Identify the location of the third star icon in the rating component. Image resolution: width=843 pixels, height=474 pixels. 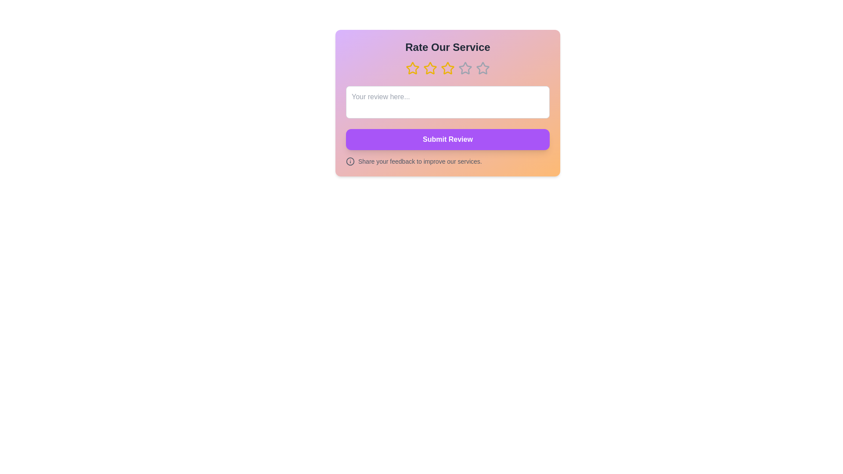
(430, 68).